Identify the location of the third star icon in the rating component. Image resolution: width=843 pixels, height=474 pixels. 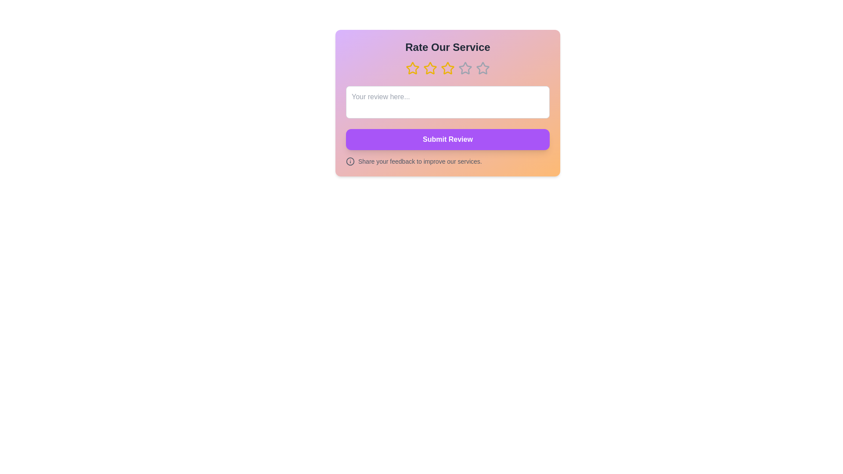
(430, 68).